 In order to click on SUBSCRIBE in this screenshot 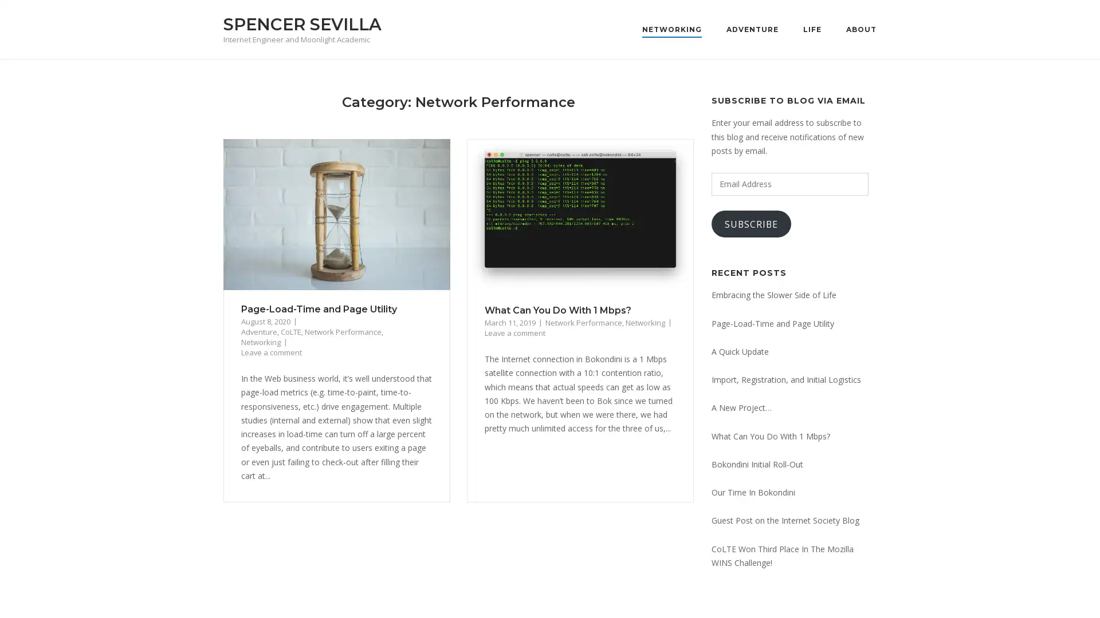, I will do `click(751, 224)`.